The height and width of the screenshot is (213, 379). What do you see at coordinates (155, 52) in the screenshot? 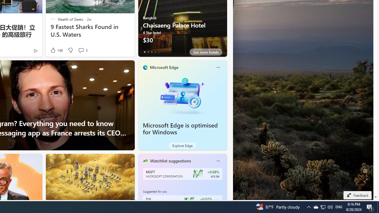
I see `'tab-3'` at bounding box center [155, 52].